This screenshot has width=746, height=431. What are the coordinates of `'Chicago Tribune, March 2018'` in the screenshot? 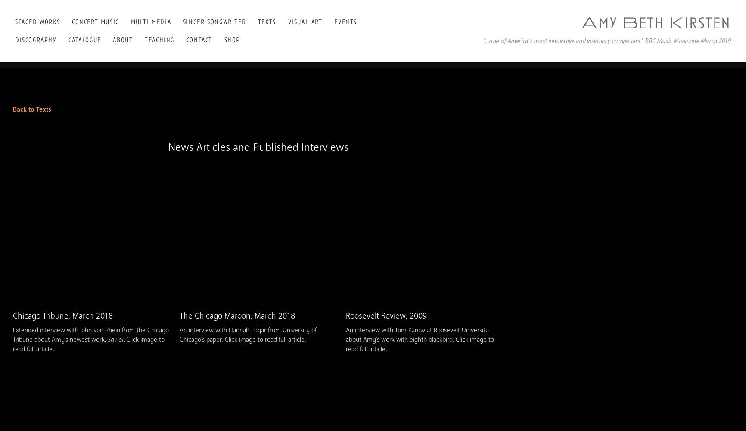 It's located at (63, 315).